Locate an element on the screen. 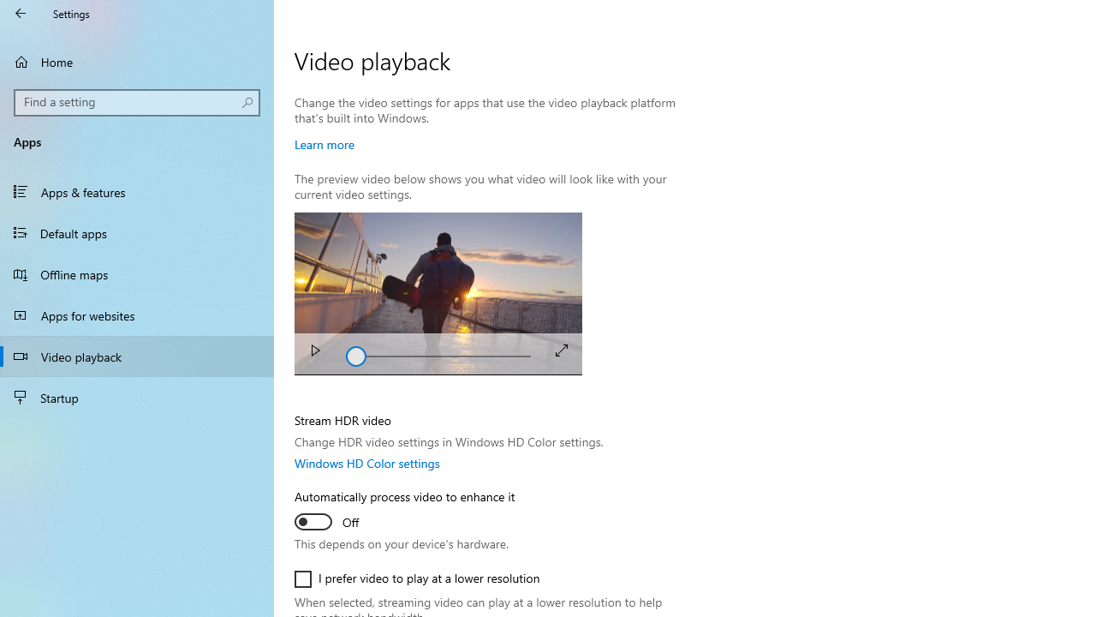  'Apps for websites' is located at coordinates (137, 314).